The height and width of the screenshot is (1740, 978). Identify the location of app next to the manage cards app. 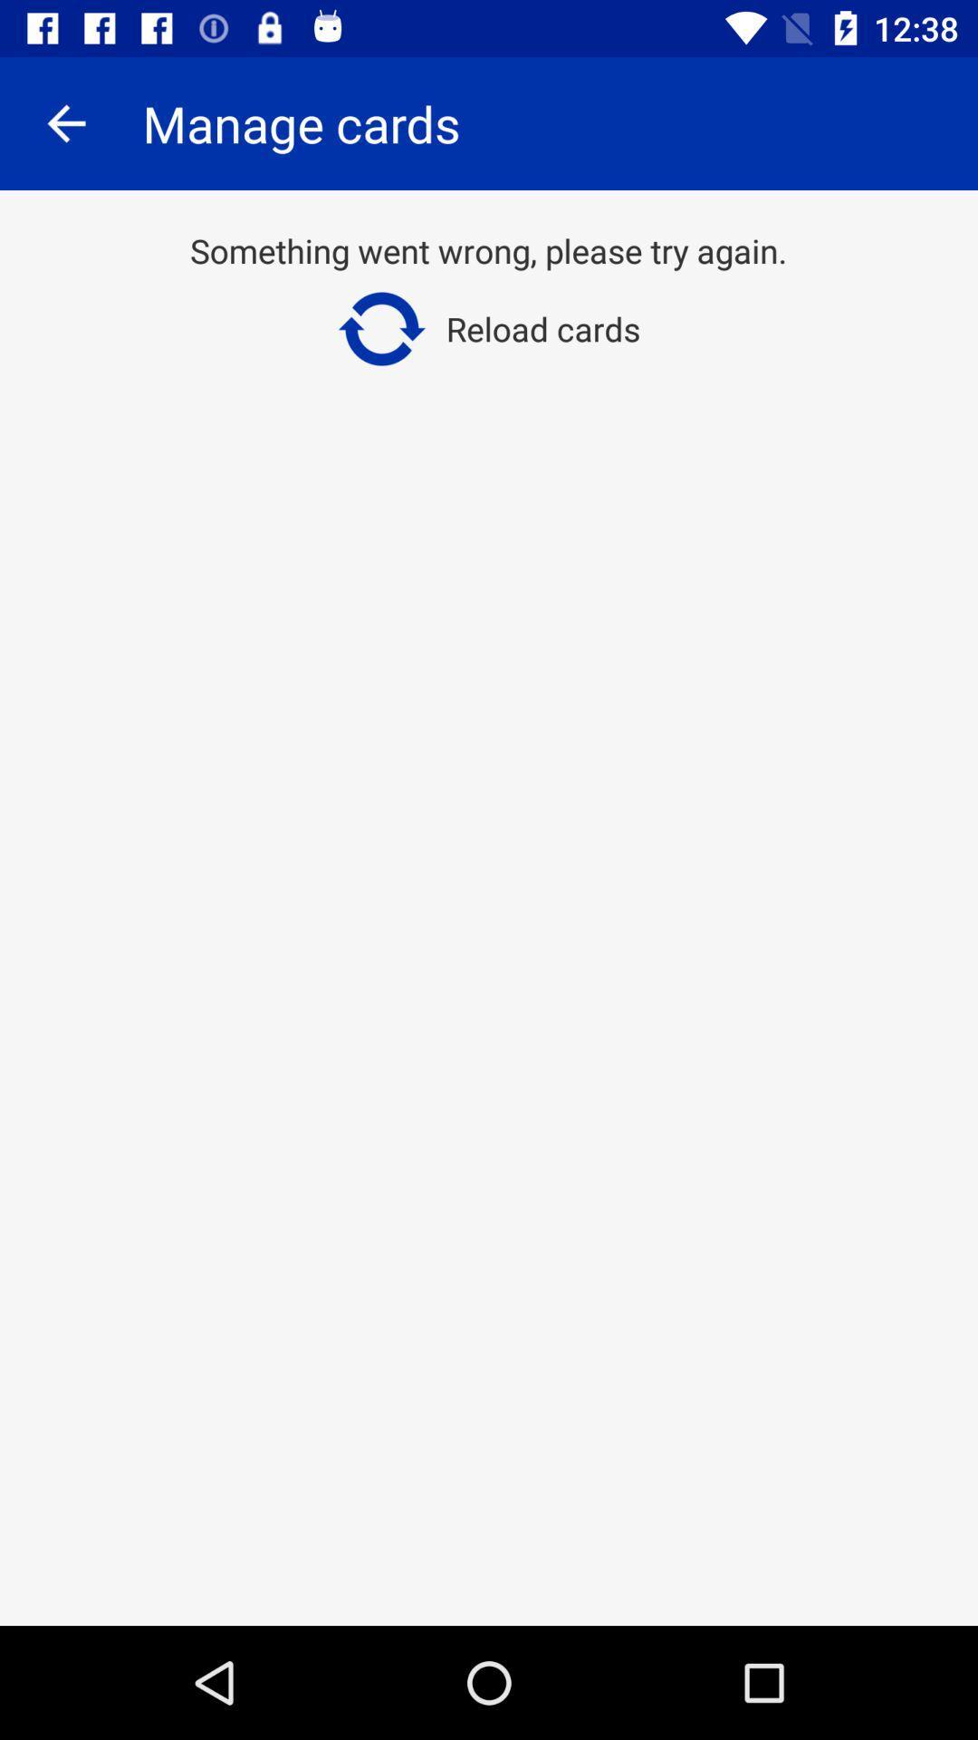
(65, 122).